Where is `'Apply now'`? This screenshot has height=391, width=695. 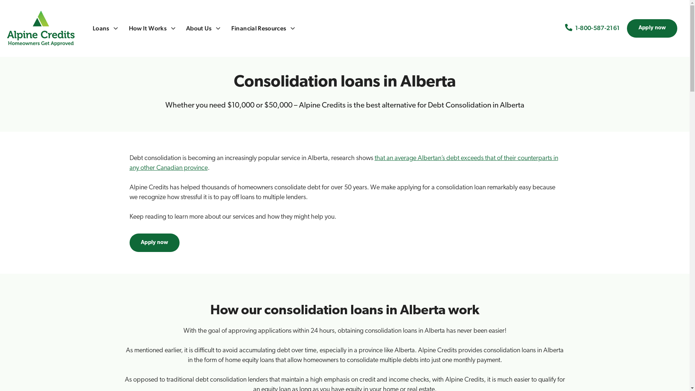 'Apply now' is located at coordinates (154, 243).